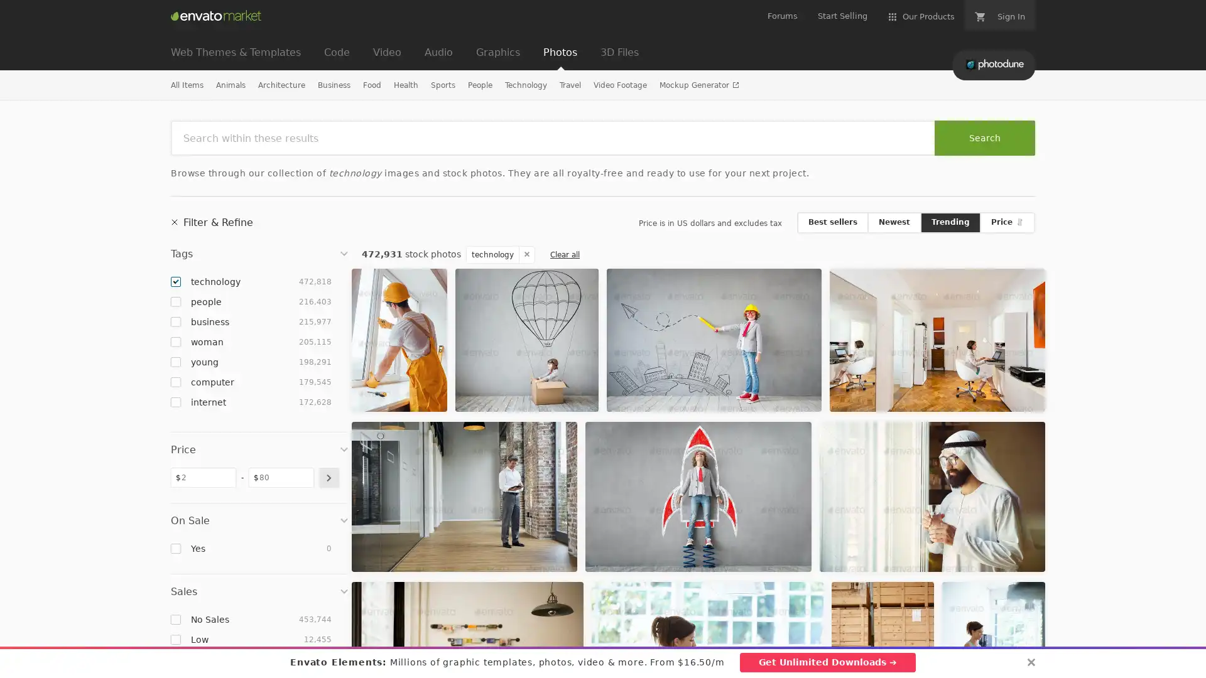  I want to click on submit, so click(329, 476).